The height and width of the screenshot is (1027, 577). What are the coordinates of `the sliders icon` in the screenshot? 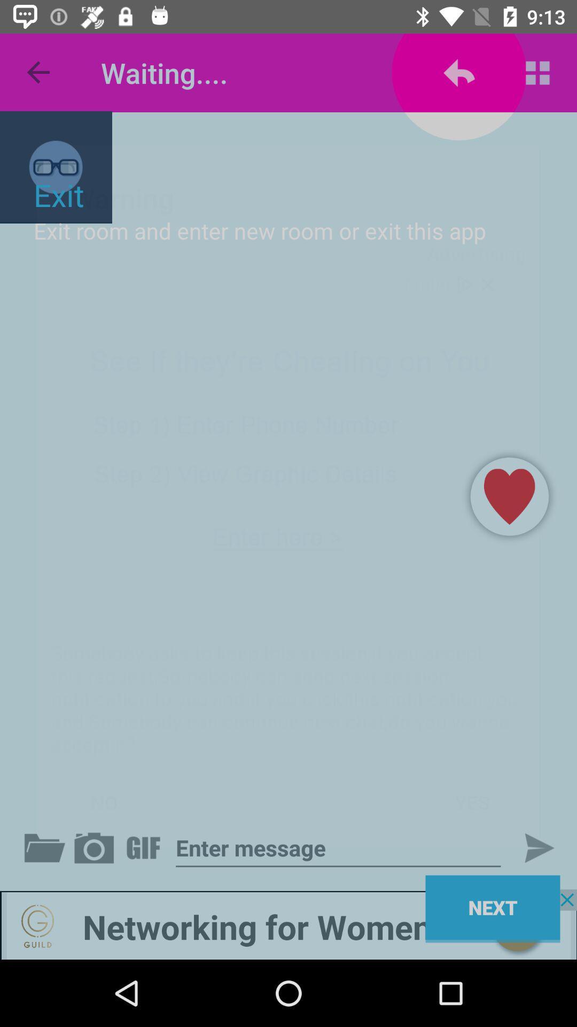 It's located at (145, 847).